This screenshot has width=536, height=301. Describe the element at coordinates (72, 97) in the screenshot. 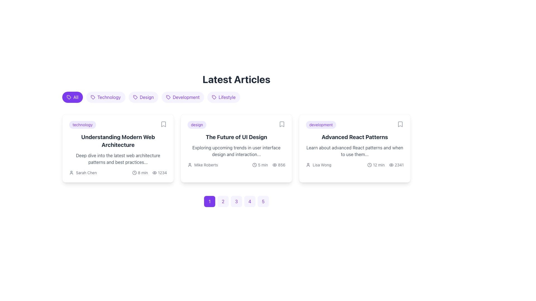

I see `the filter button that displays articles categorized as 'All', located at the leftmost position of a horizontal row above the 'Latest Articles' section` at that location.